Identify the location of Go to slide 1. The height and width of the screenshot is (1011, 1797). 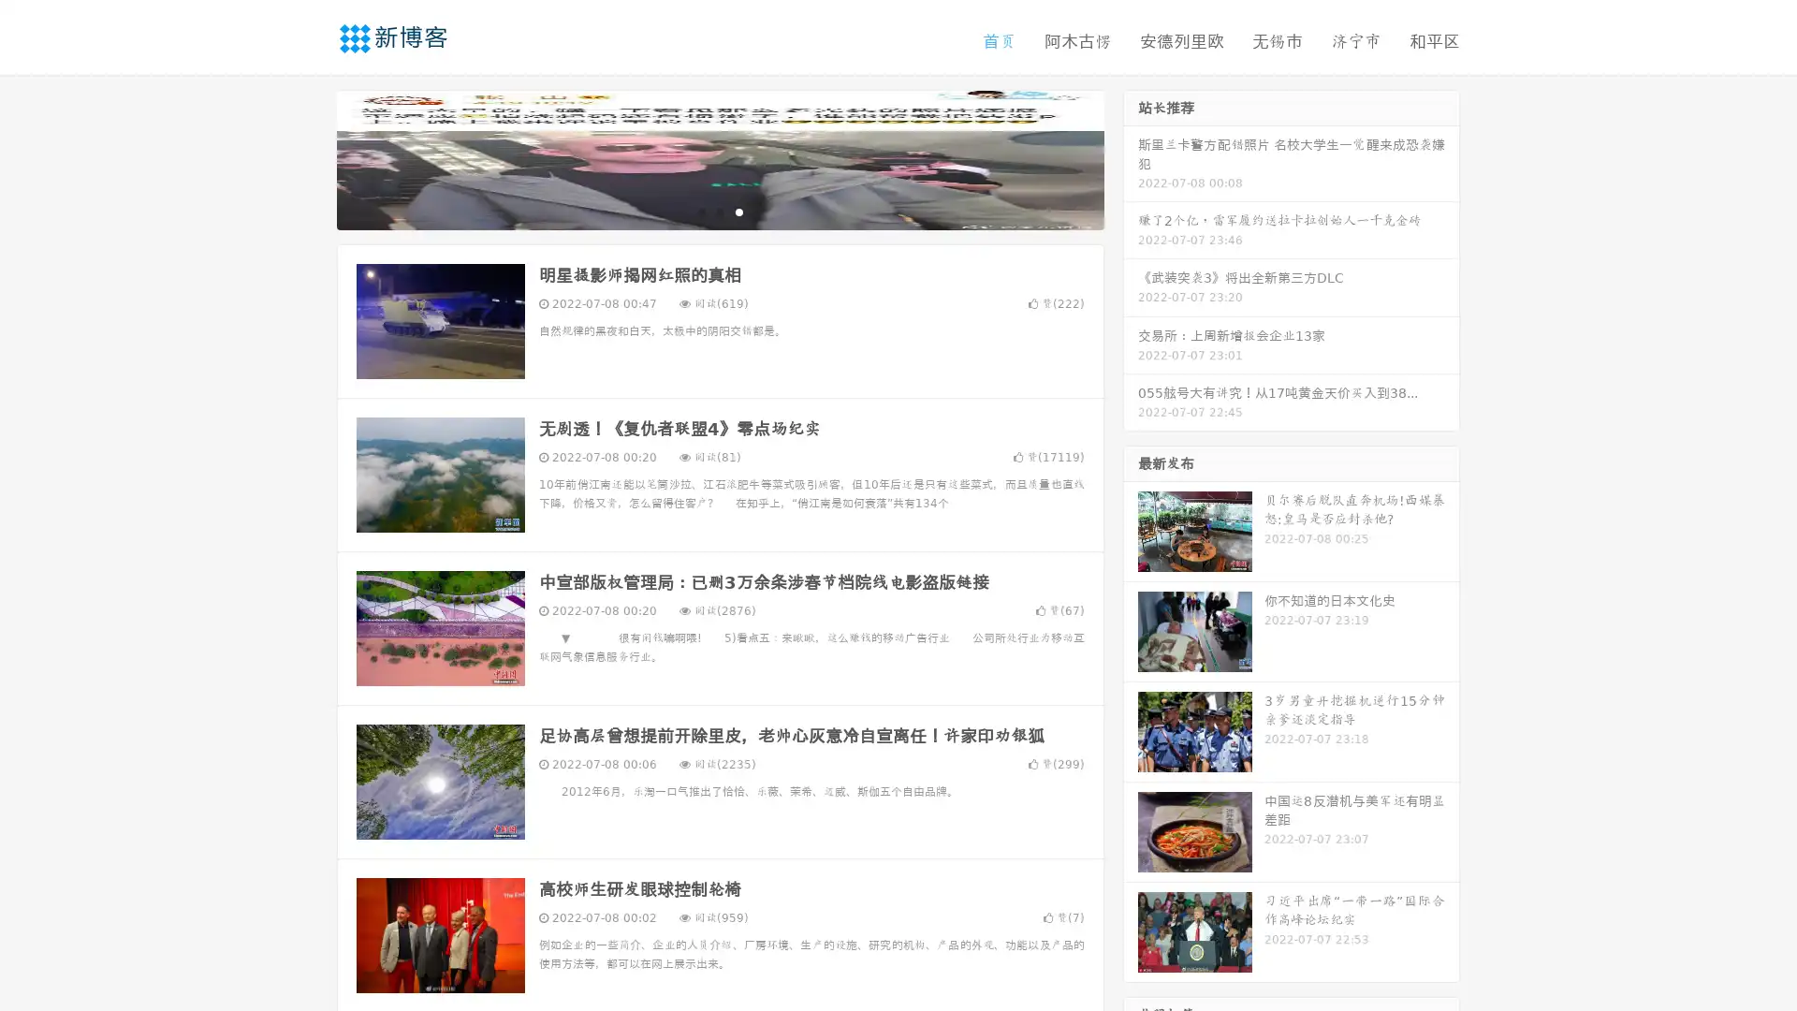
(700, 211).